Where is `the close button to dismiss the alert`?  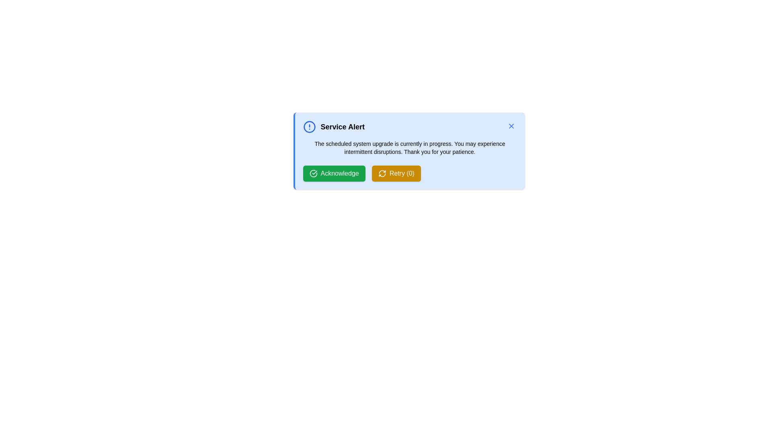 the close button to dismiss the alert is located at coordinates (511, 126).